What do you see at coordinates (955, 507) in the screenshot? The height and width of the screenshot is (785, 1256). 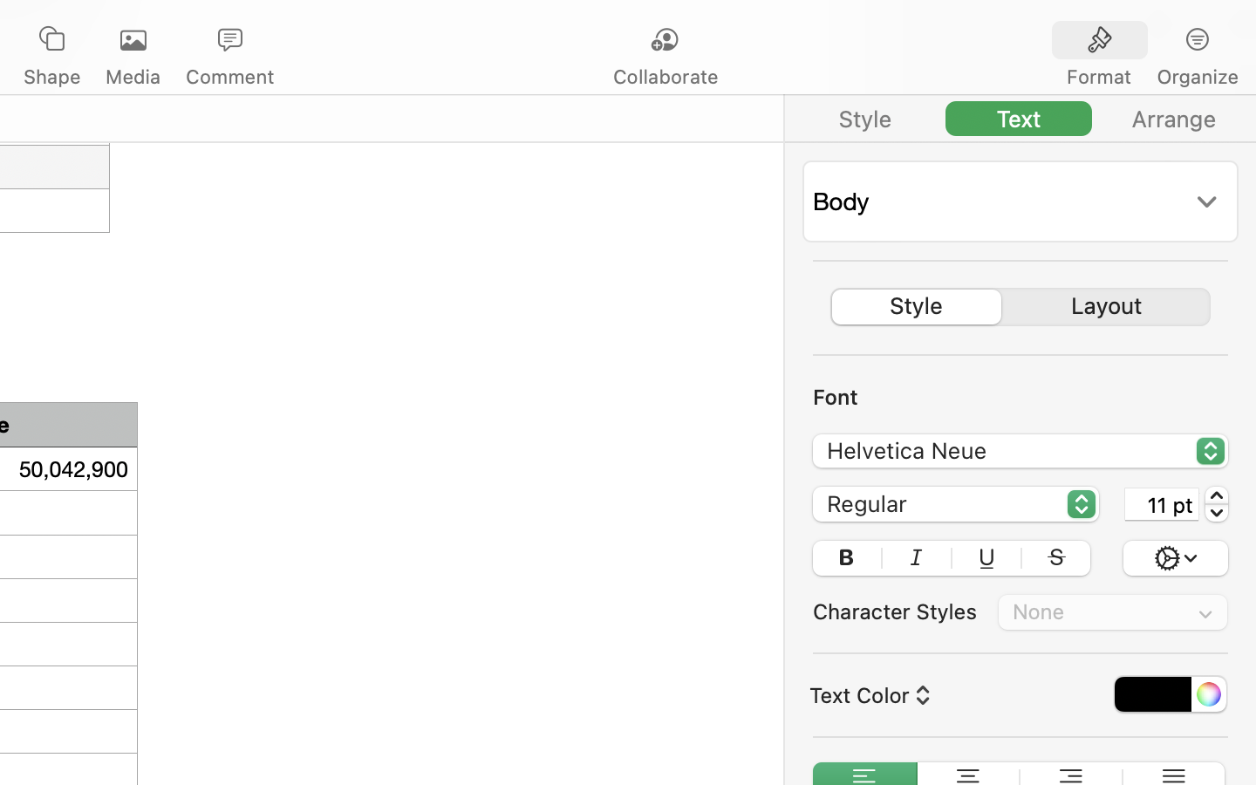 I see `'Regular'` at bounding box center [955, 507].